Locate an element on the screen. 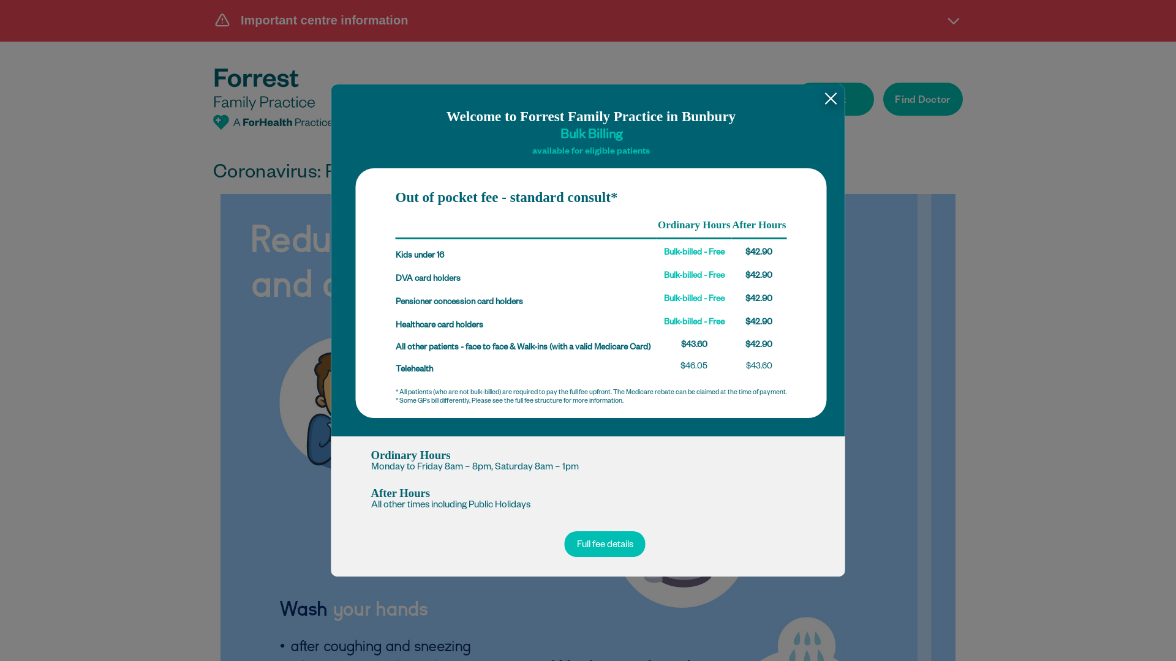 The width and height of the screenshot is (1176, 661). 'Find Doctor' is located at coordinates (923, 99).